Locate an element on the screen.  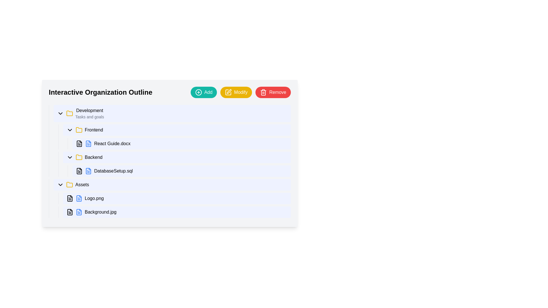
the 'Assets' text label located in the third-level indentation under the 'Development' section, adjacent to the yellow folder icon is located at coordinates (82, 185).